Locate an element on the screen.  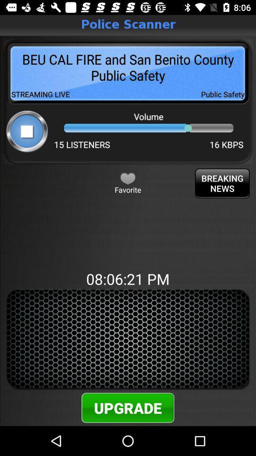
the button us used to add it to the favorite is located at coordinates (128, 178).